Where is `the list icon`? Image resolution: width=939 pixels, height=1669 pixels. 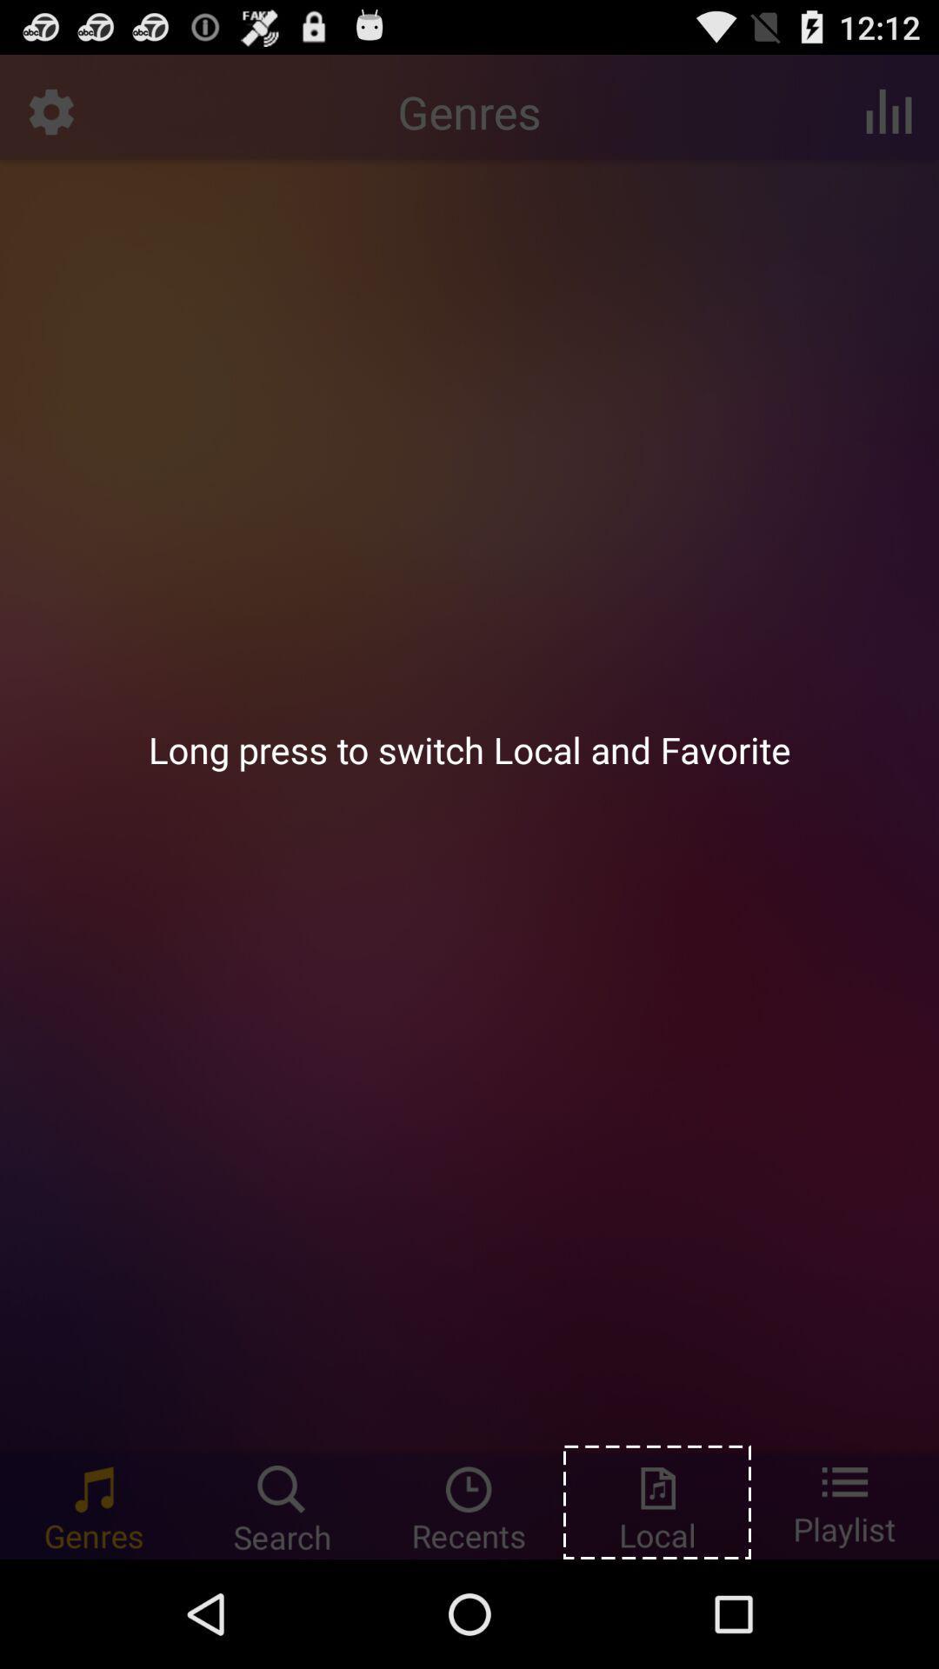
the list icon is located at coordinates (844, 1612).